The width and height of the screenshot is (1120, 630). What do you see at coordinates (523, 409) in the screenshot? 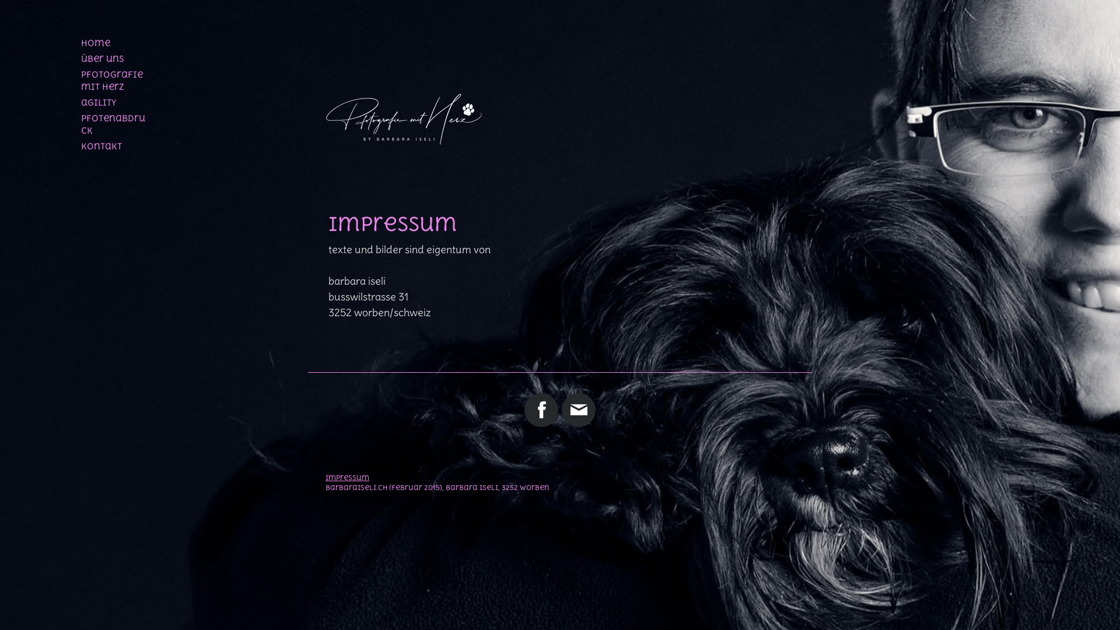
I see `'Facebook'` at bounding box center [523, 409].